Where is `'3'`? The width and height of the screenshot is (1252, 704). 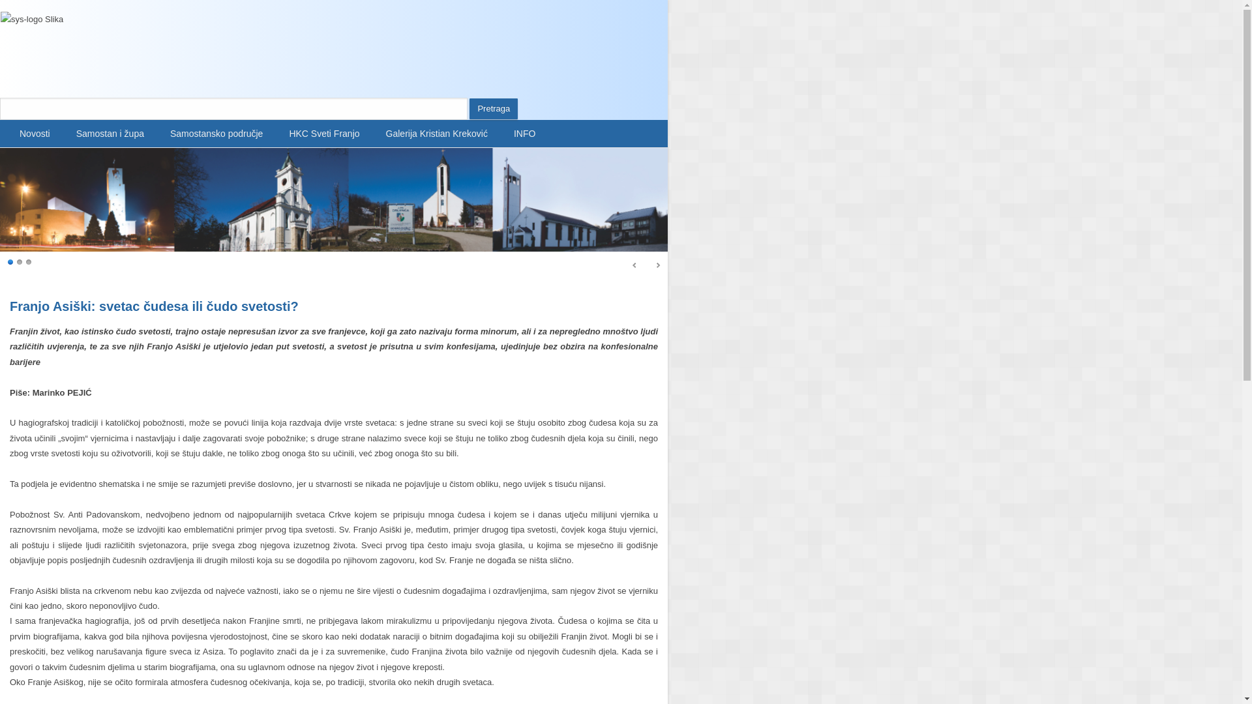
'3' is located at coordinates (25, 261).